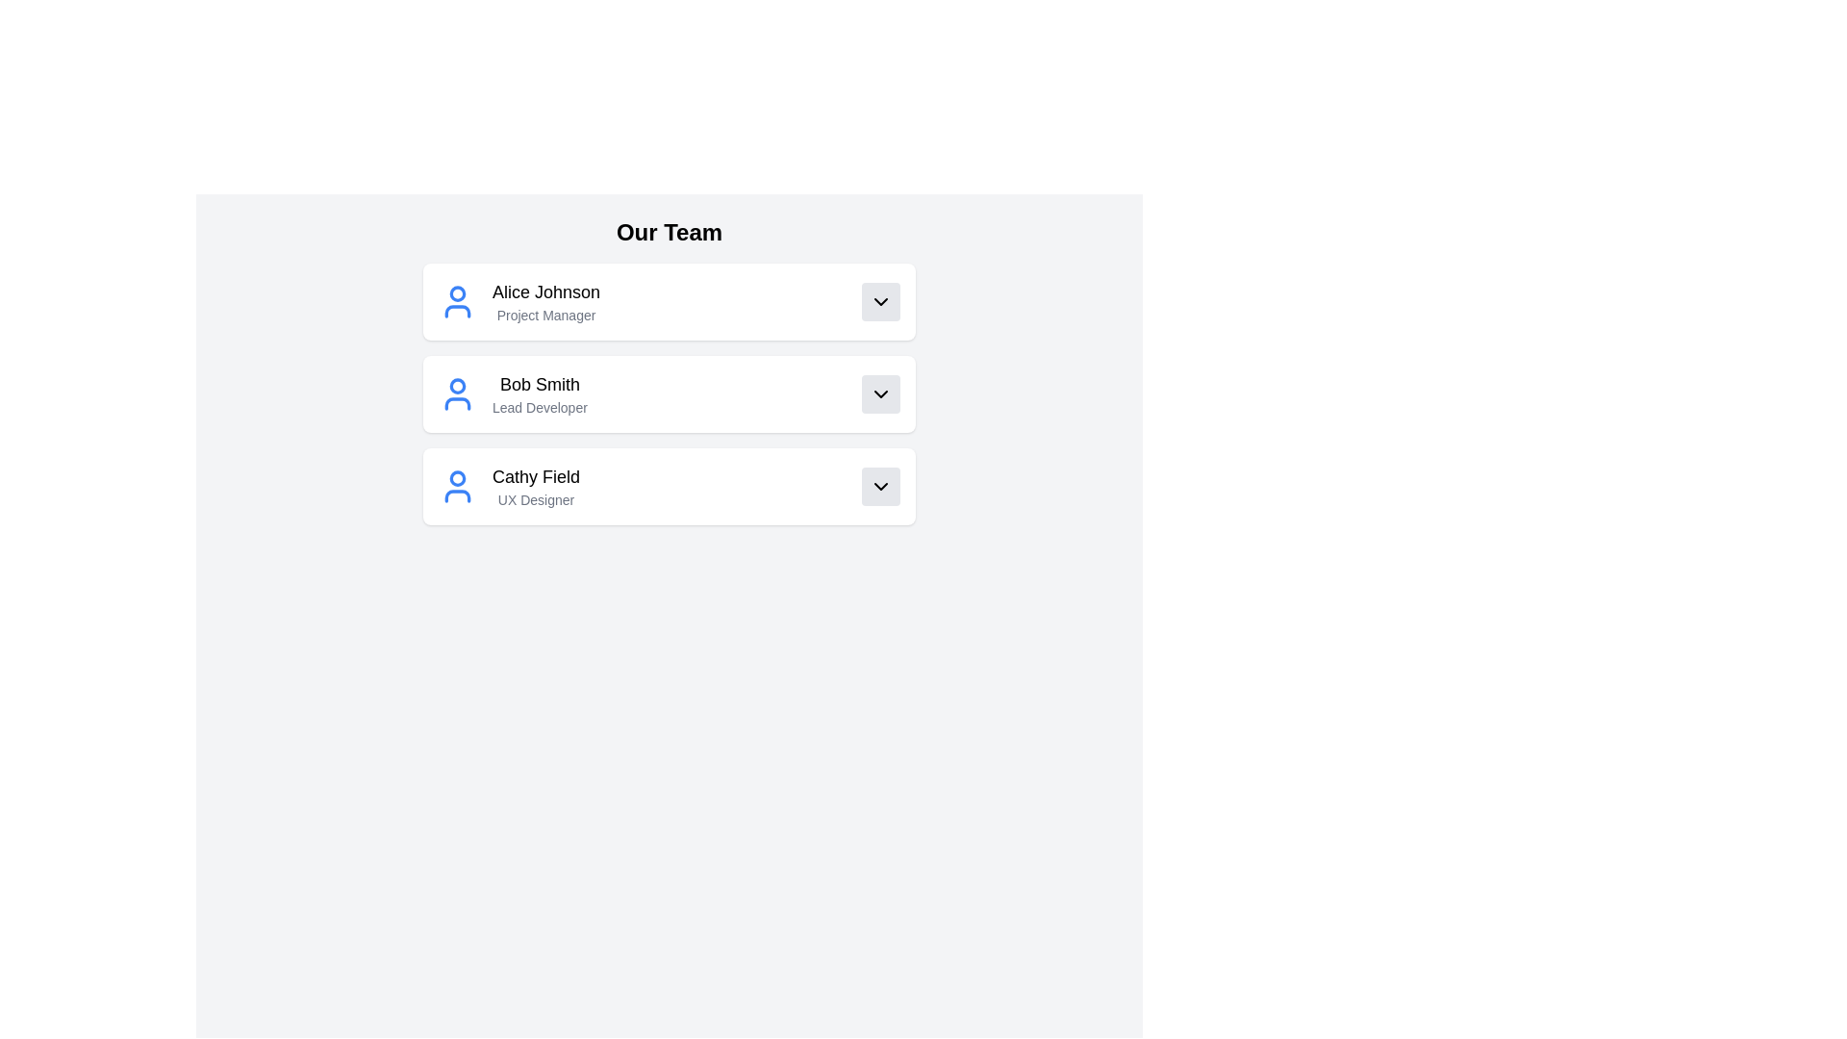 The height and width of the screenshot is (1039, 1847). Describe the element at coordinates (880, 301) in the screenshot. I see `the chevron-down icon located at the right end of the topmost team member card under 'Our Team'` at that location.